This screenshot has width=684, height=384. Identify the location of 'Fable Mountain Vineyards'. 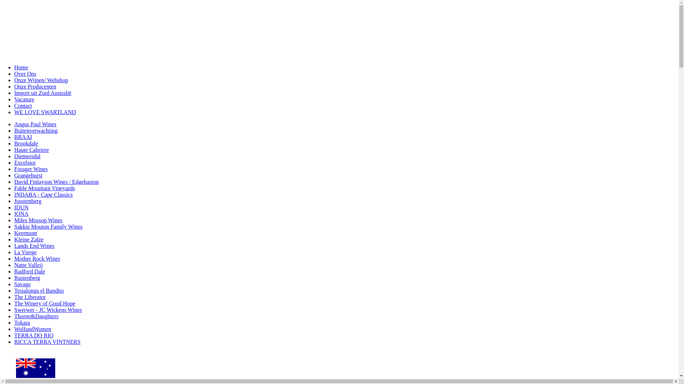
(14, 188).